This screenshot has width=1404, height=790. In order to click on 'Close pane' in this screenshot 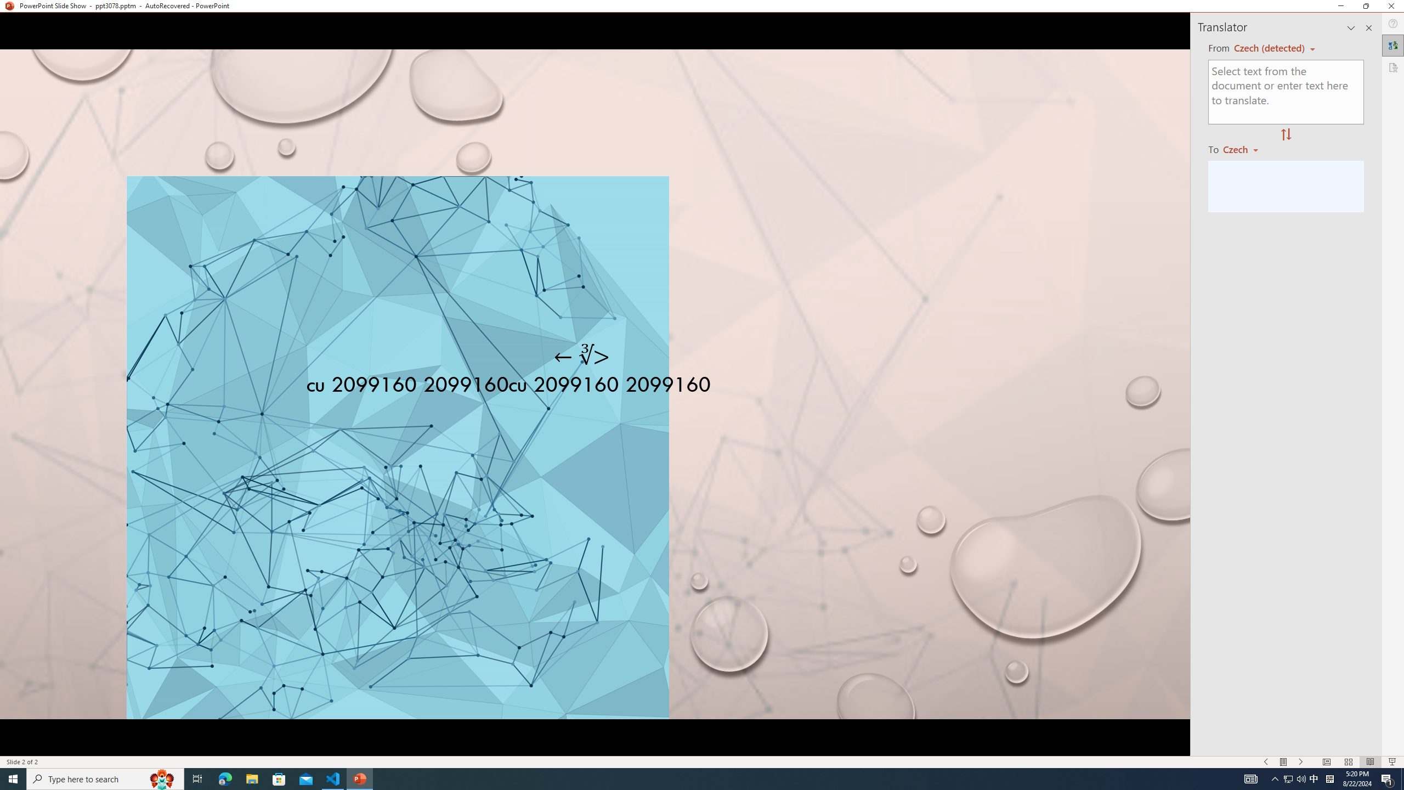, I will do `click(1368, 27)`.